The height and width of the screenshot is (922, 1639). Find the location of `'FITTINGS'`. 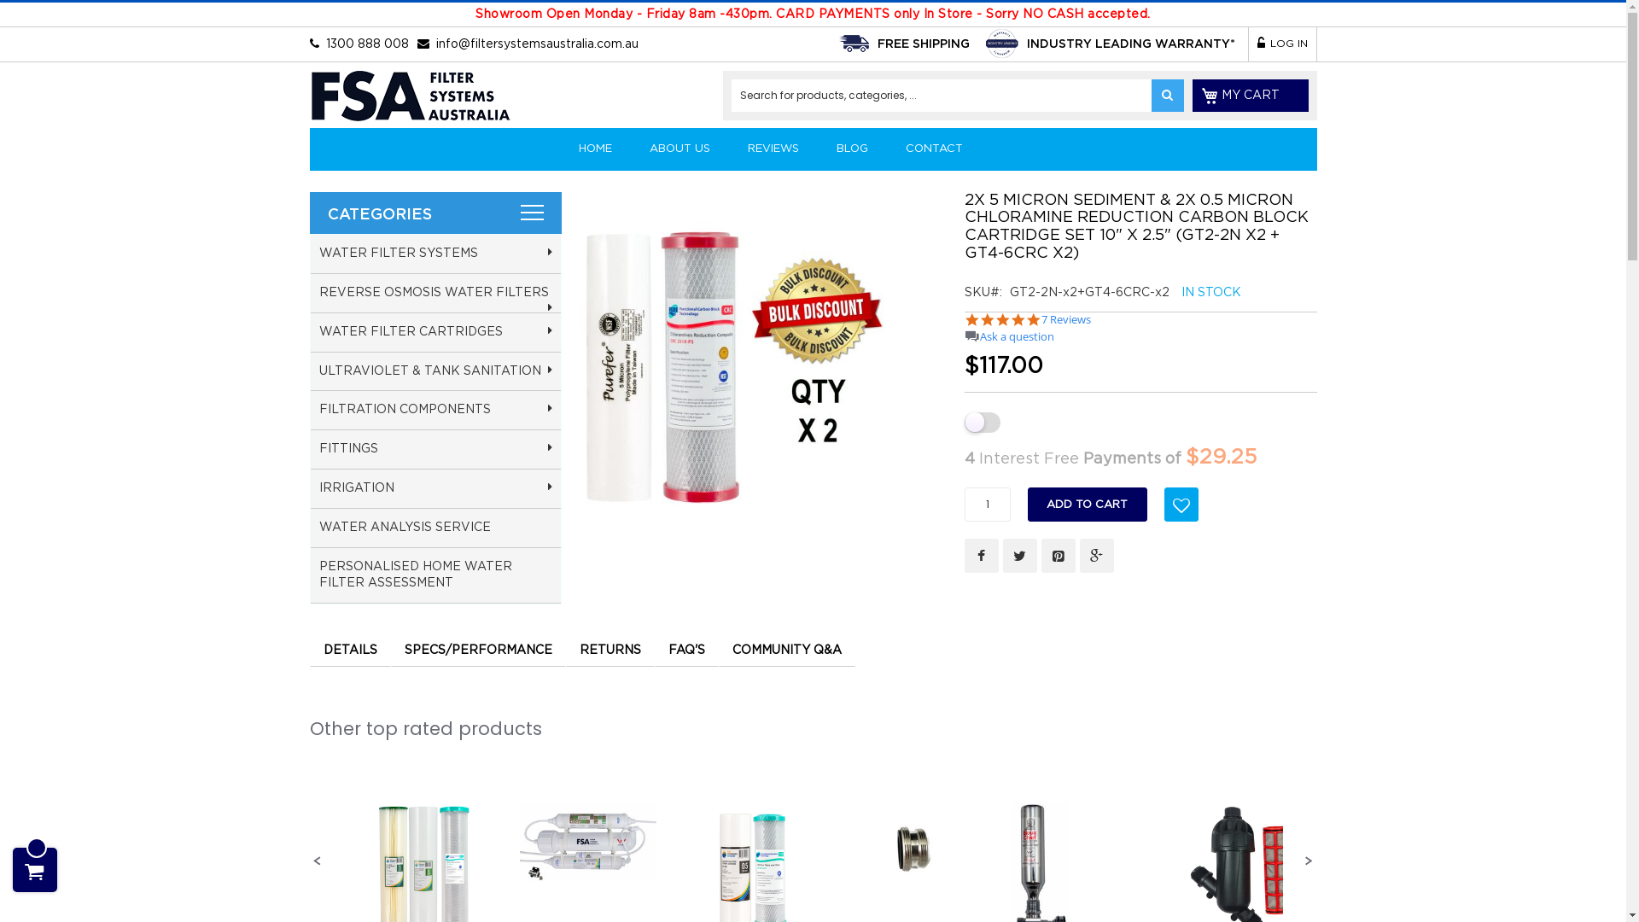

'FITTINGS' is located at coordinates (435, 449).